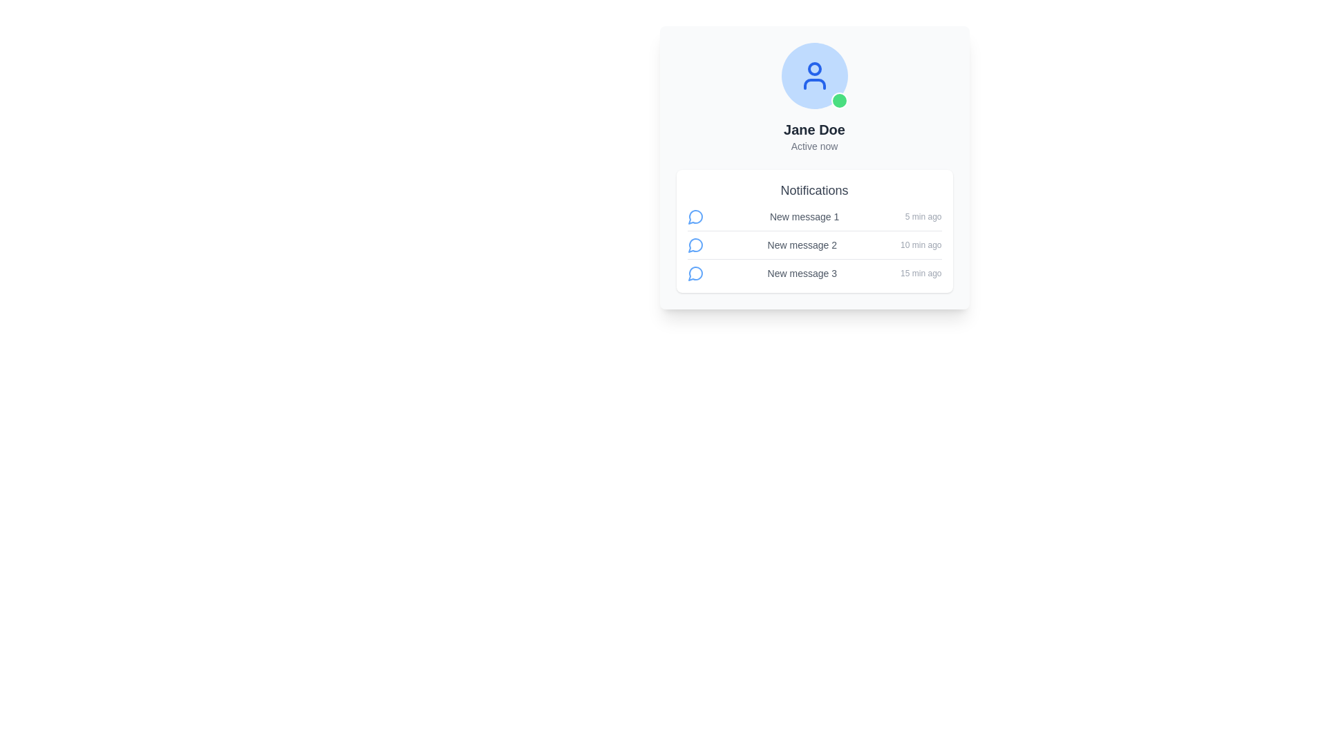 The image size is (1327, 746). I want to click on the status represented by the small, circular green status indicator located at the bottom-right corner of the larger blue and white profile icon, so click(838, 100).